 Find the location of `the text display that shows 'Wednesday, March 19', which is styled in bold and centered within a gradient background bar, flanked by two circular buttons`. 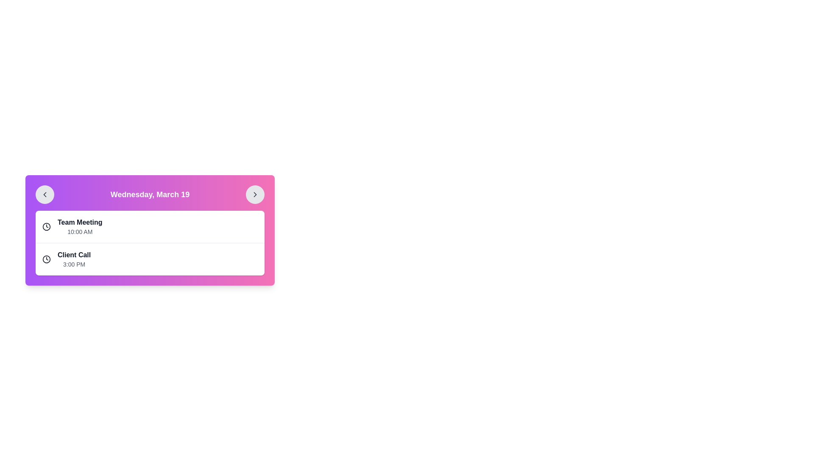

the text display that shows 'Wednesday, March 19', which is styled in bold and centered within a gradient background bar, flanked by two circular buttons is located at coordinates (150, 194).